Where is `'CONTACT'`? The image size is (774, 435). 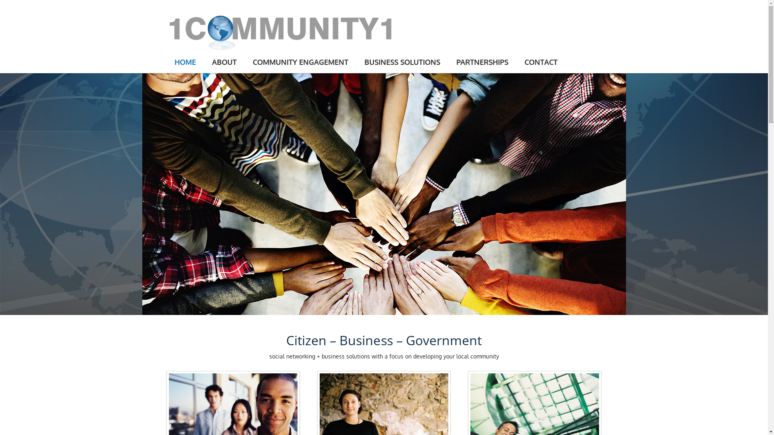
'CONTACT' is located at coordinates (540, 62).